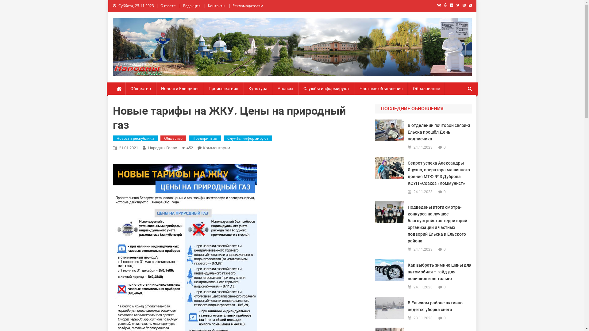 This screenshot has height=331, width=589. What do you see at coordinates (422, 148) in the screenshot?
I see `'24.11.2023'` at bounding box center [422, 148].